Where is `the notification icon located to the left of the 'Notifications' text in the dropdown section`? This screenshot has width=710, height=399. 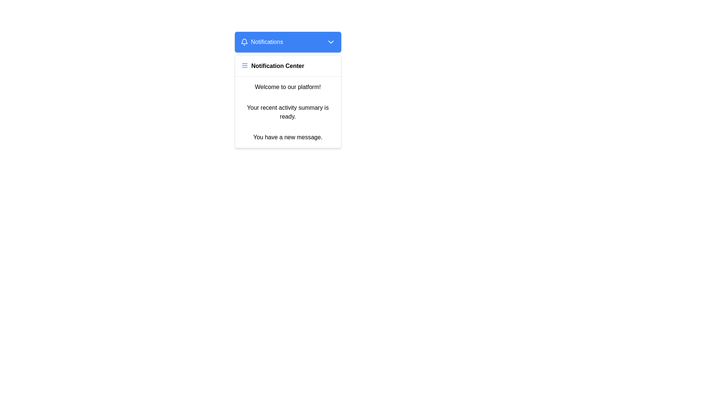
the notification icon located to the left of the 'Notifications' text in the dropdown section is located at coordinates (244, 42).